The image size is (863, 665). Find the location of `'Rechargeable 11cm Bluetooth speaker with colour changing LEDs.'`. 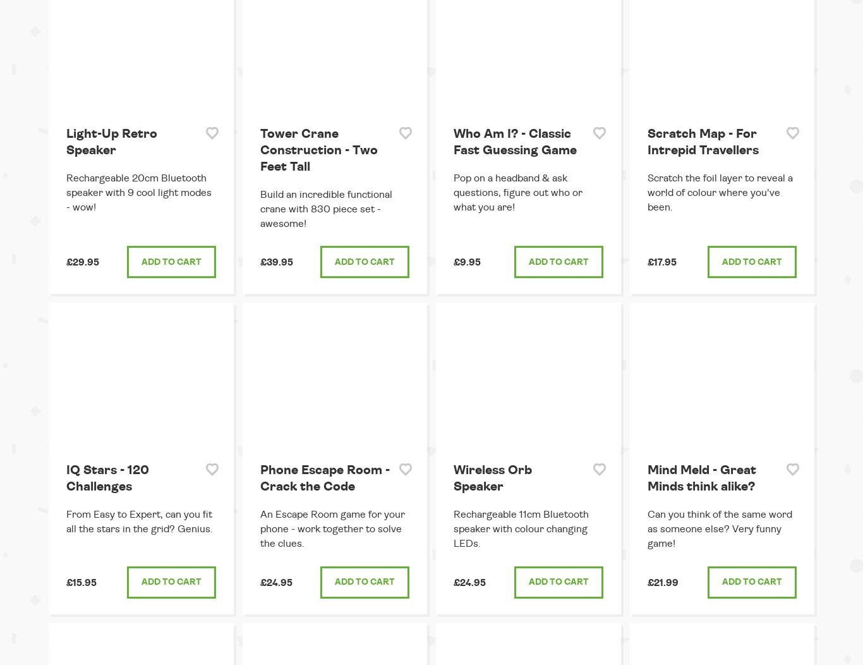

'Rechargeable 11cm Bluetooth speaker with colour changing LEDs.' is located at coordinates (521, 528).